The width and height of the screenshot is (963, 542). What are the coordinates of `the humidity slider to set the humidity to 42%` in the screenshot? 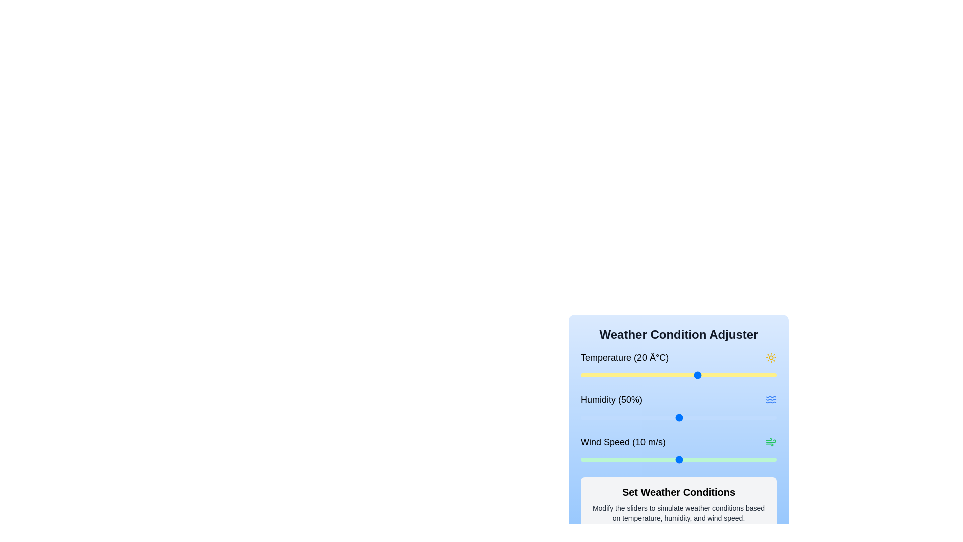 It's located at (663, 418).